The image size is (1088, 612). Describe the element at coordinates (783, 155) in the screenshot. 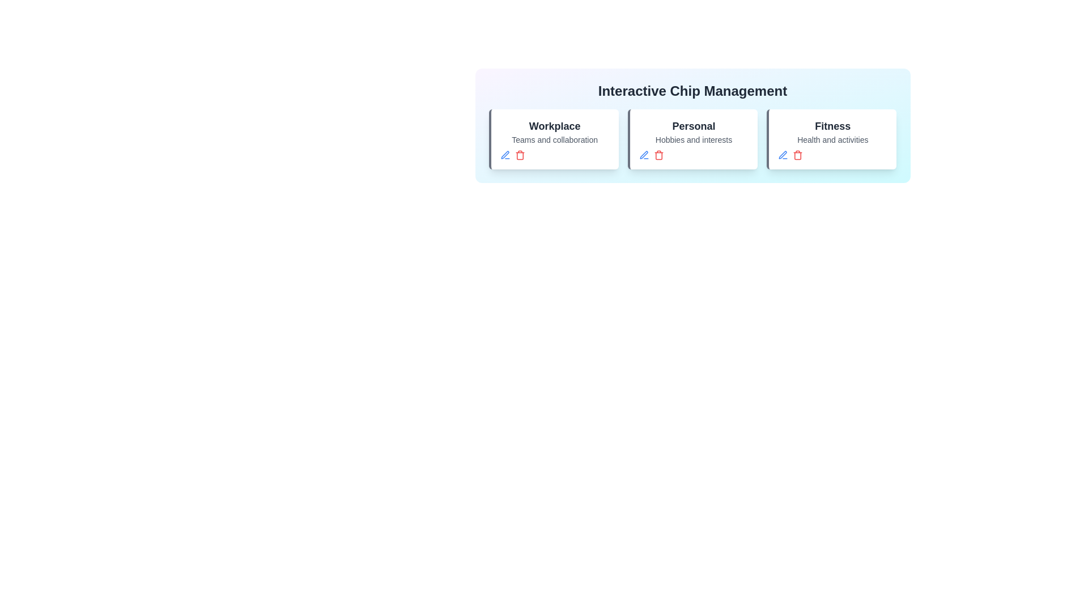

I see `'Edit' button for the chip identified by Fitness` at that location.